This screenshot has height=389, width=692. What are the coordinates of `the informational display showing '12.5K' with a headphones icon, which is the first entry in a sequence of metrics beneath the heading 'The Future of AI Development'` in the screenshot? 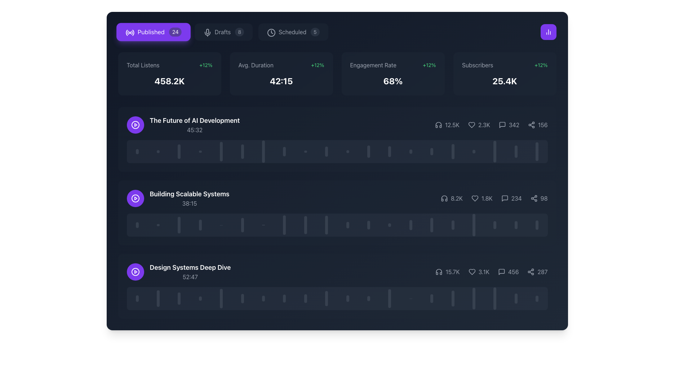 It's located at (447, 125).